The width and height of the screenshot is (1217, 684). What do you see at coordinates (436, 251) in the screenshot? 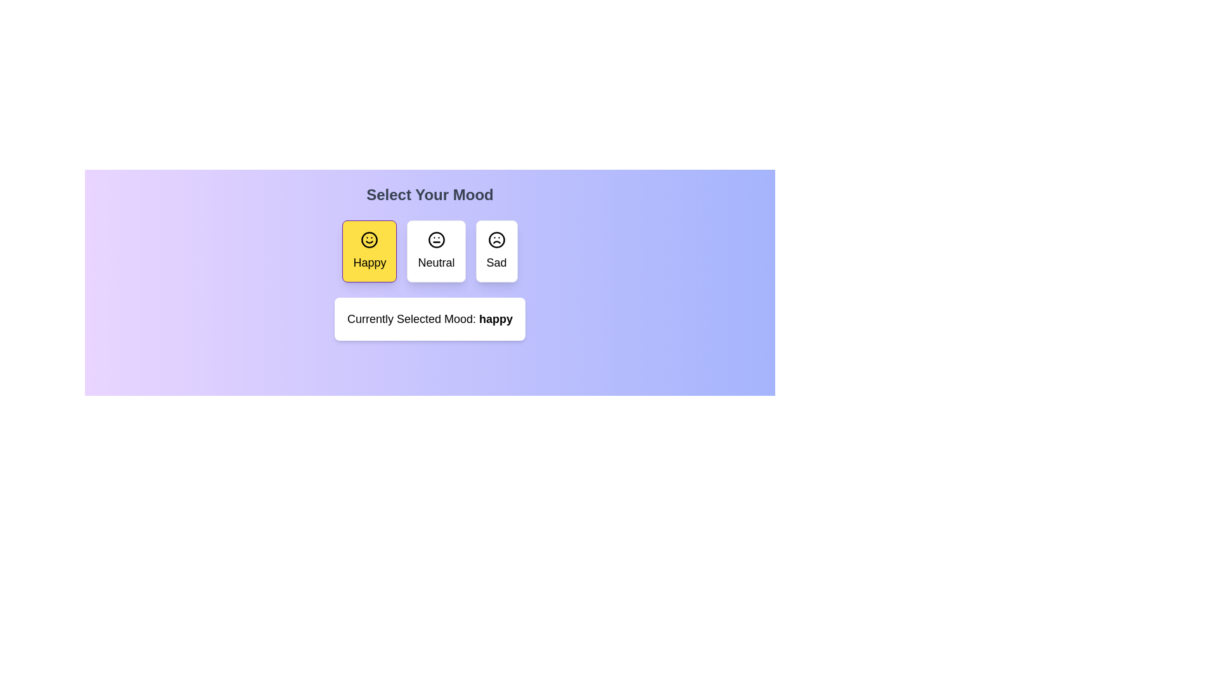
I see `the mood button labeled Neutral` at bounding box center [436, 251].